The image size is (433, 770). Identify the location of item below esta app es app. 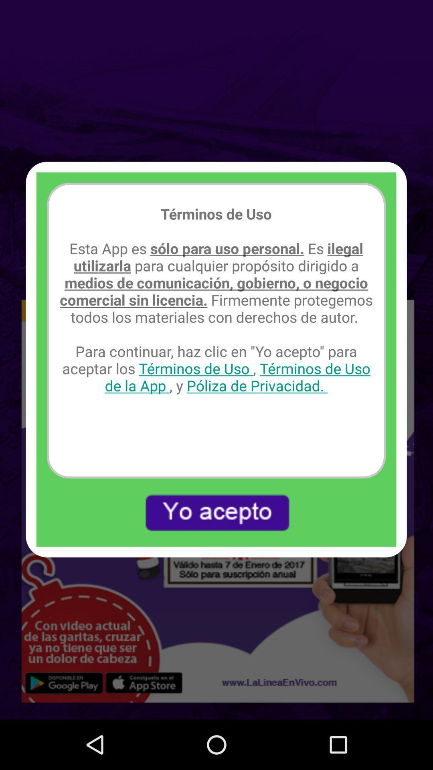
(216, 512).